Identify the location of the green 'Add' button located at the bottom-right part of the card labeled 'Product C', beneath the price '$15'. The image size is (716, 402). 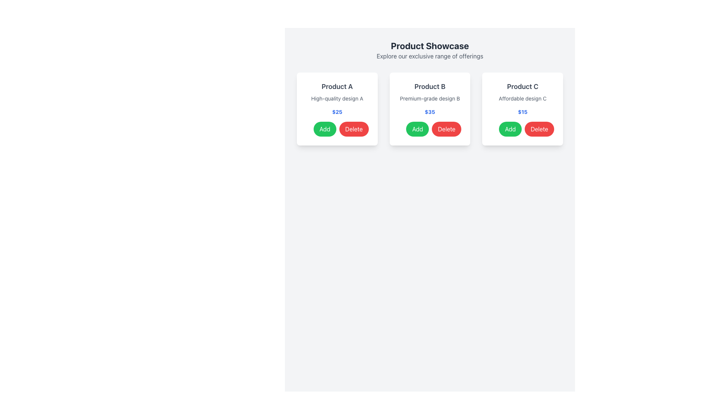
(522, 129).